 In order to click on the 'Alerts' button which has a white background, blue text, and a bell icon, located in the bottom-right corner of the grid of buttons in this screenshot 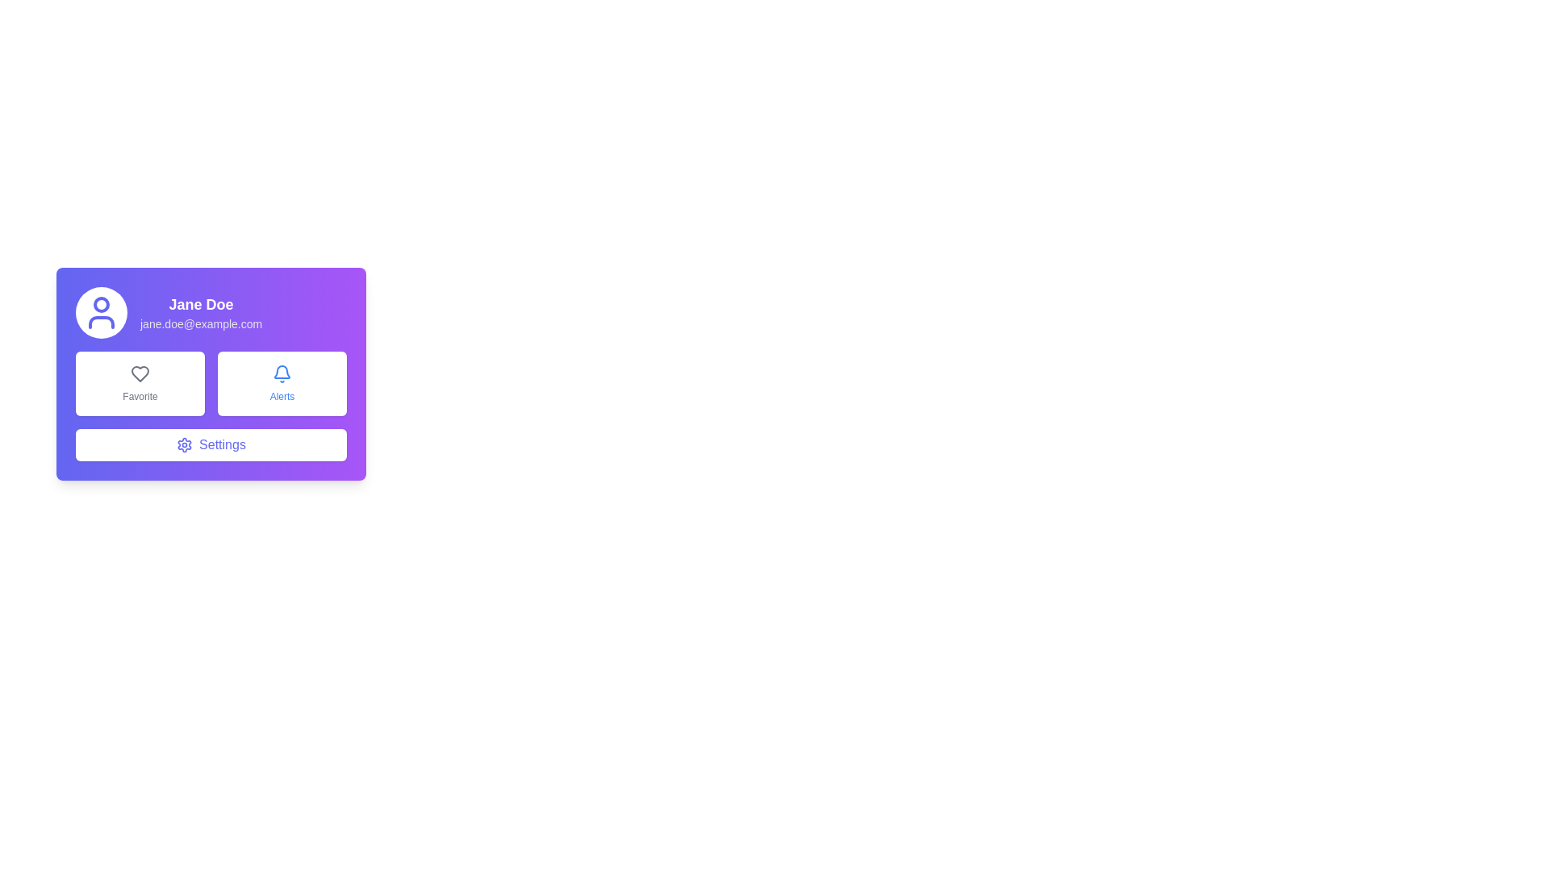, I will do `click(282, 383)`.